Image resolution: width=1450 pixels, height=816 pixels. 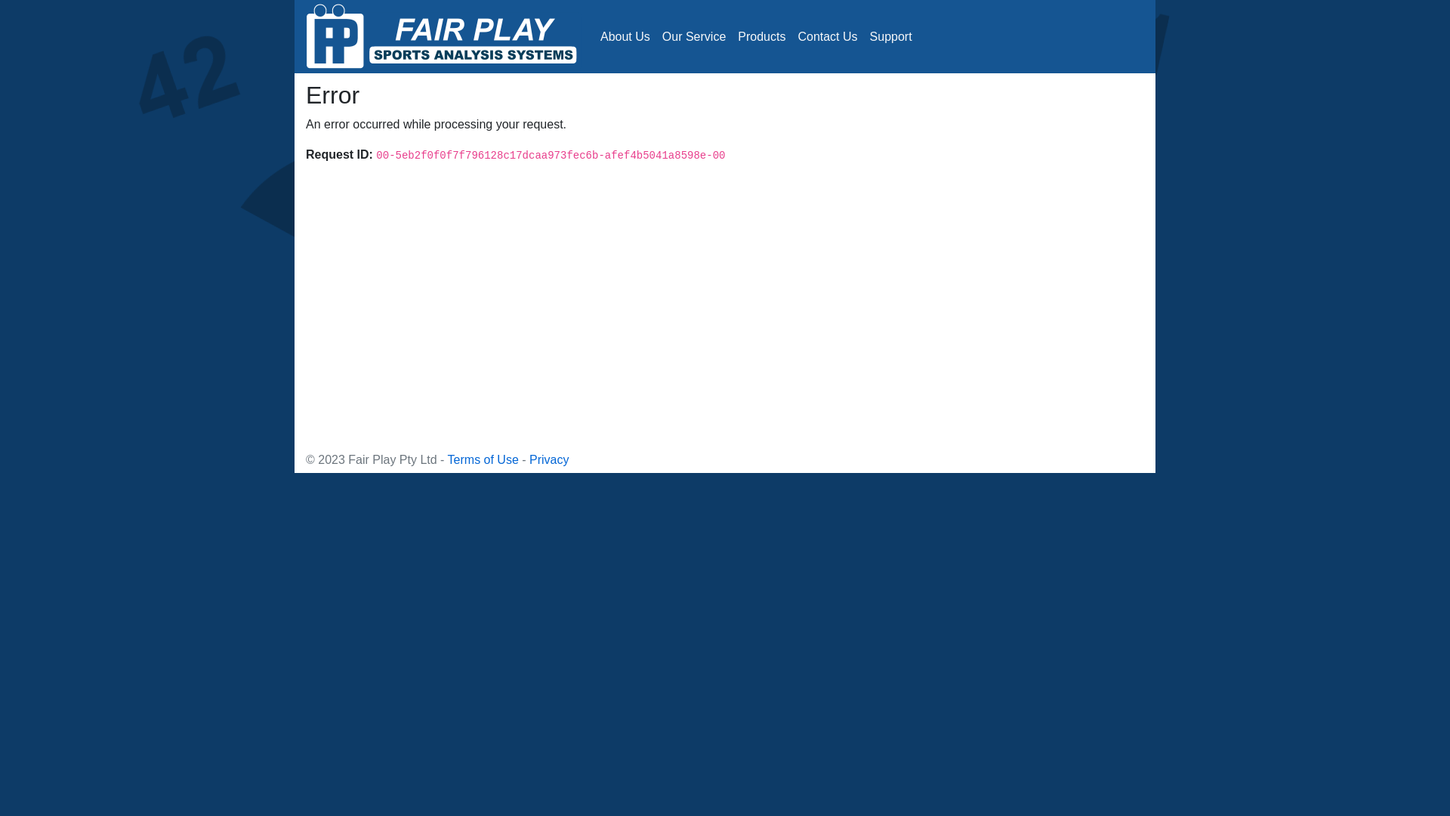 What do you see at coordinates (482, 459) in the screenshot?
I see `'Terms of Use'` at bounding box center [482, 459].